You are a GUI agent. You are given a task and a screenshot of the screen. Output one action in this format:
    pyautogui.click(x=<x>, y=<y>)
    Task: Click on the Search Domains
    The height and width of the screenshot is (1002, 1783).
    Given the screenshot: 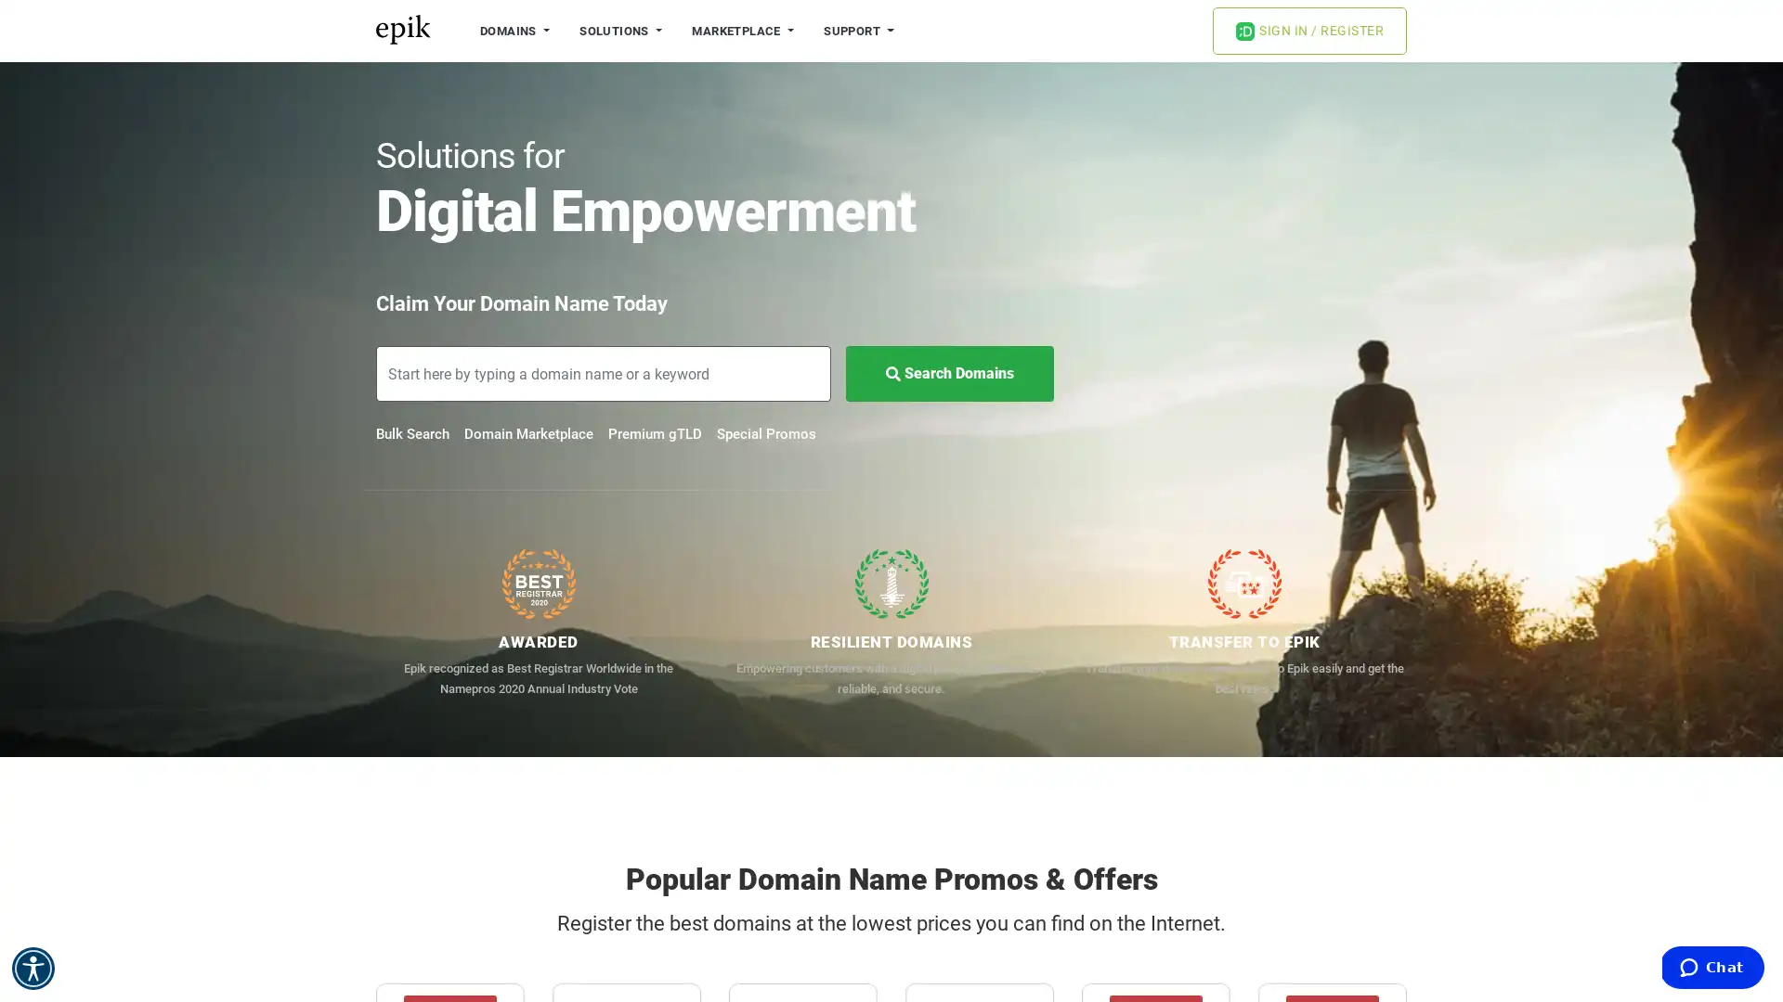 What is the action you would take?
    pyautogui.click(x=949, y=373)
    